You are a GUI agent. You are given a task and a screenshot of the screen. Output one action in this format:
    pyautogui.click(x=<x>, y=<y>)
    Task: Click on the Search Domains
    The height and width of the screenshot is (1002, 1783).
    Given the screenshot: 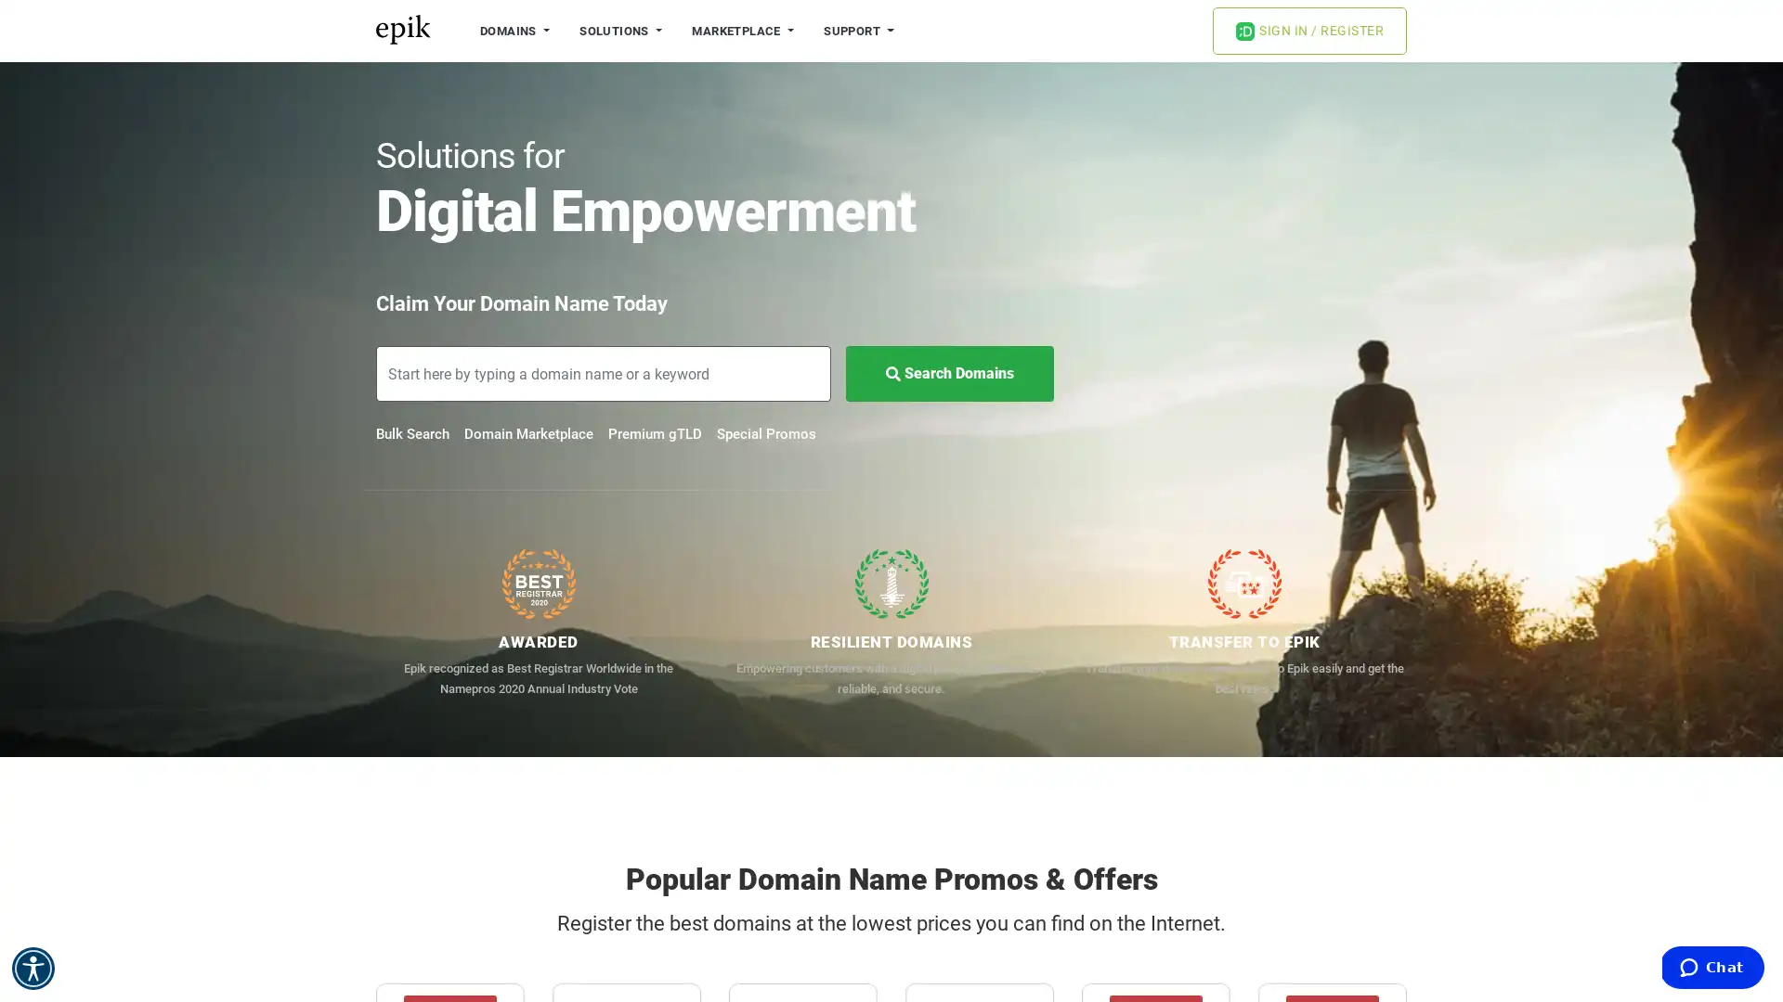 What is the action you would take?
    pyautogui.click(x=949, y=373)
    